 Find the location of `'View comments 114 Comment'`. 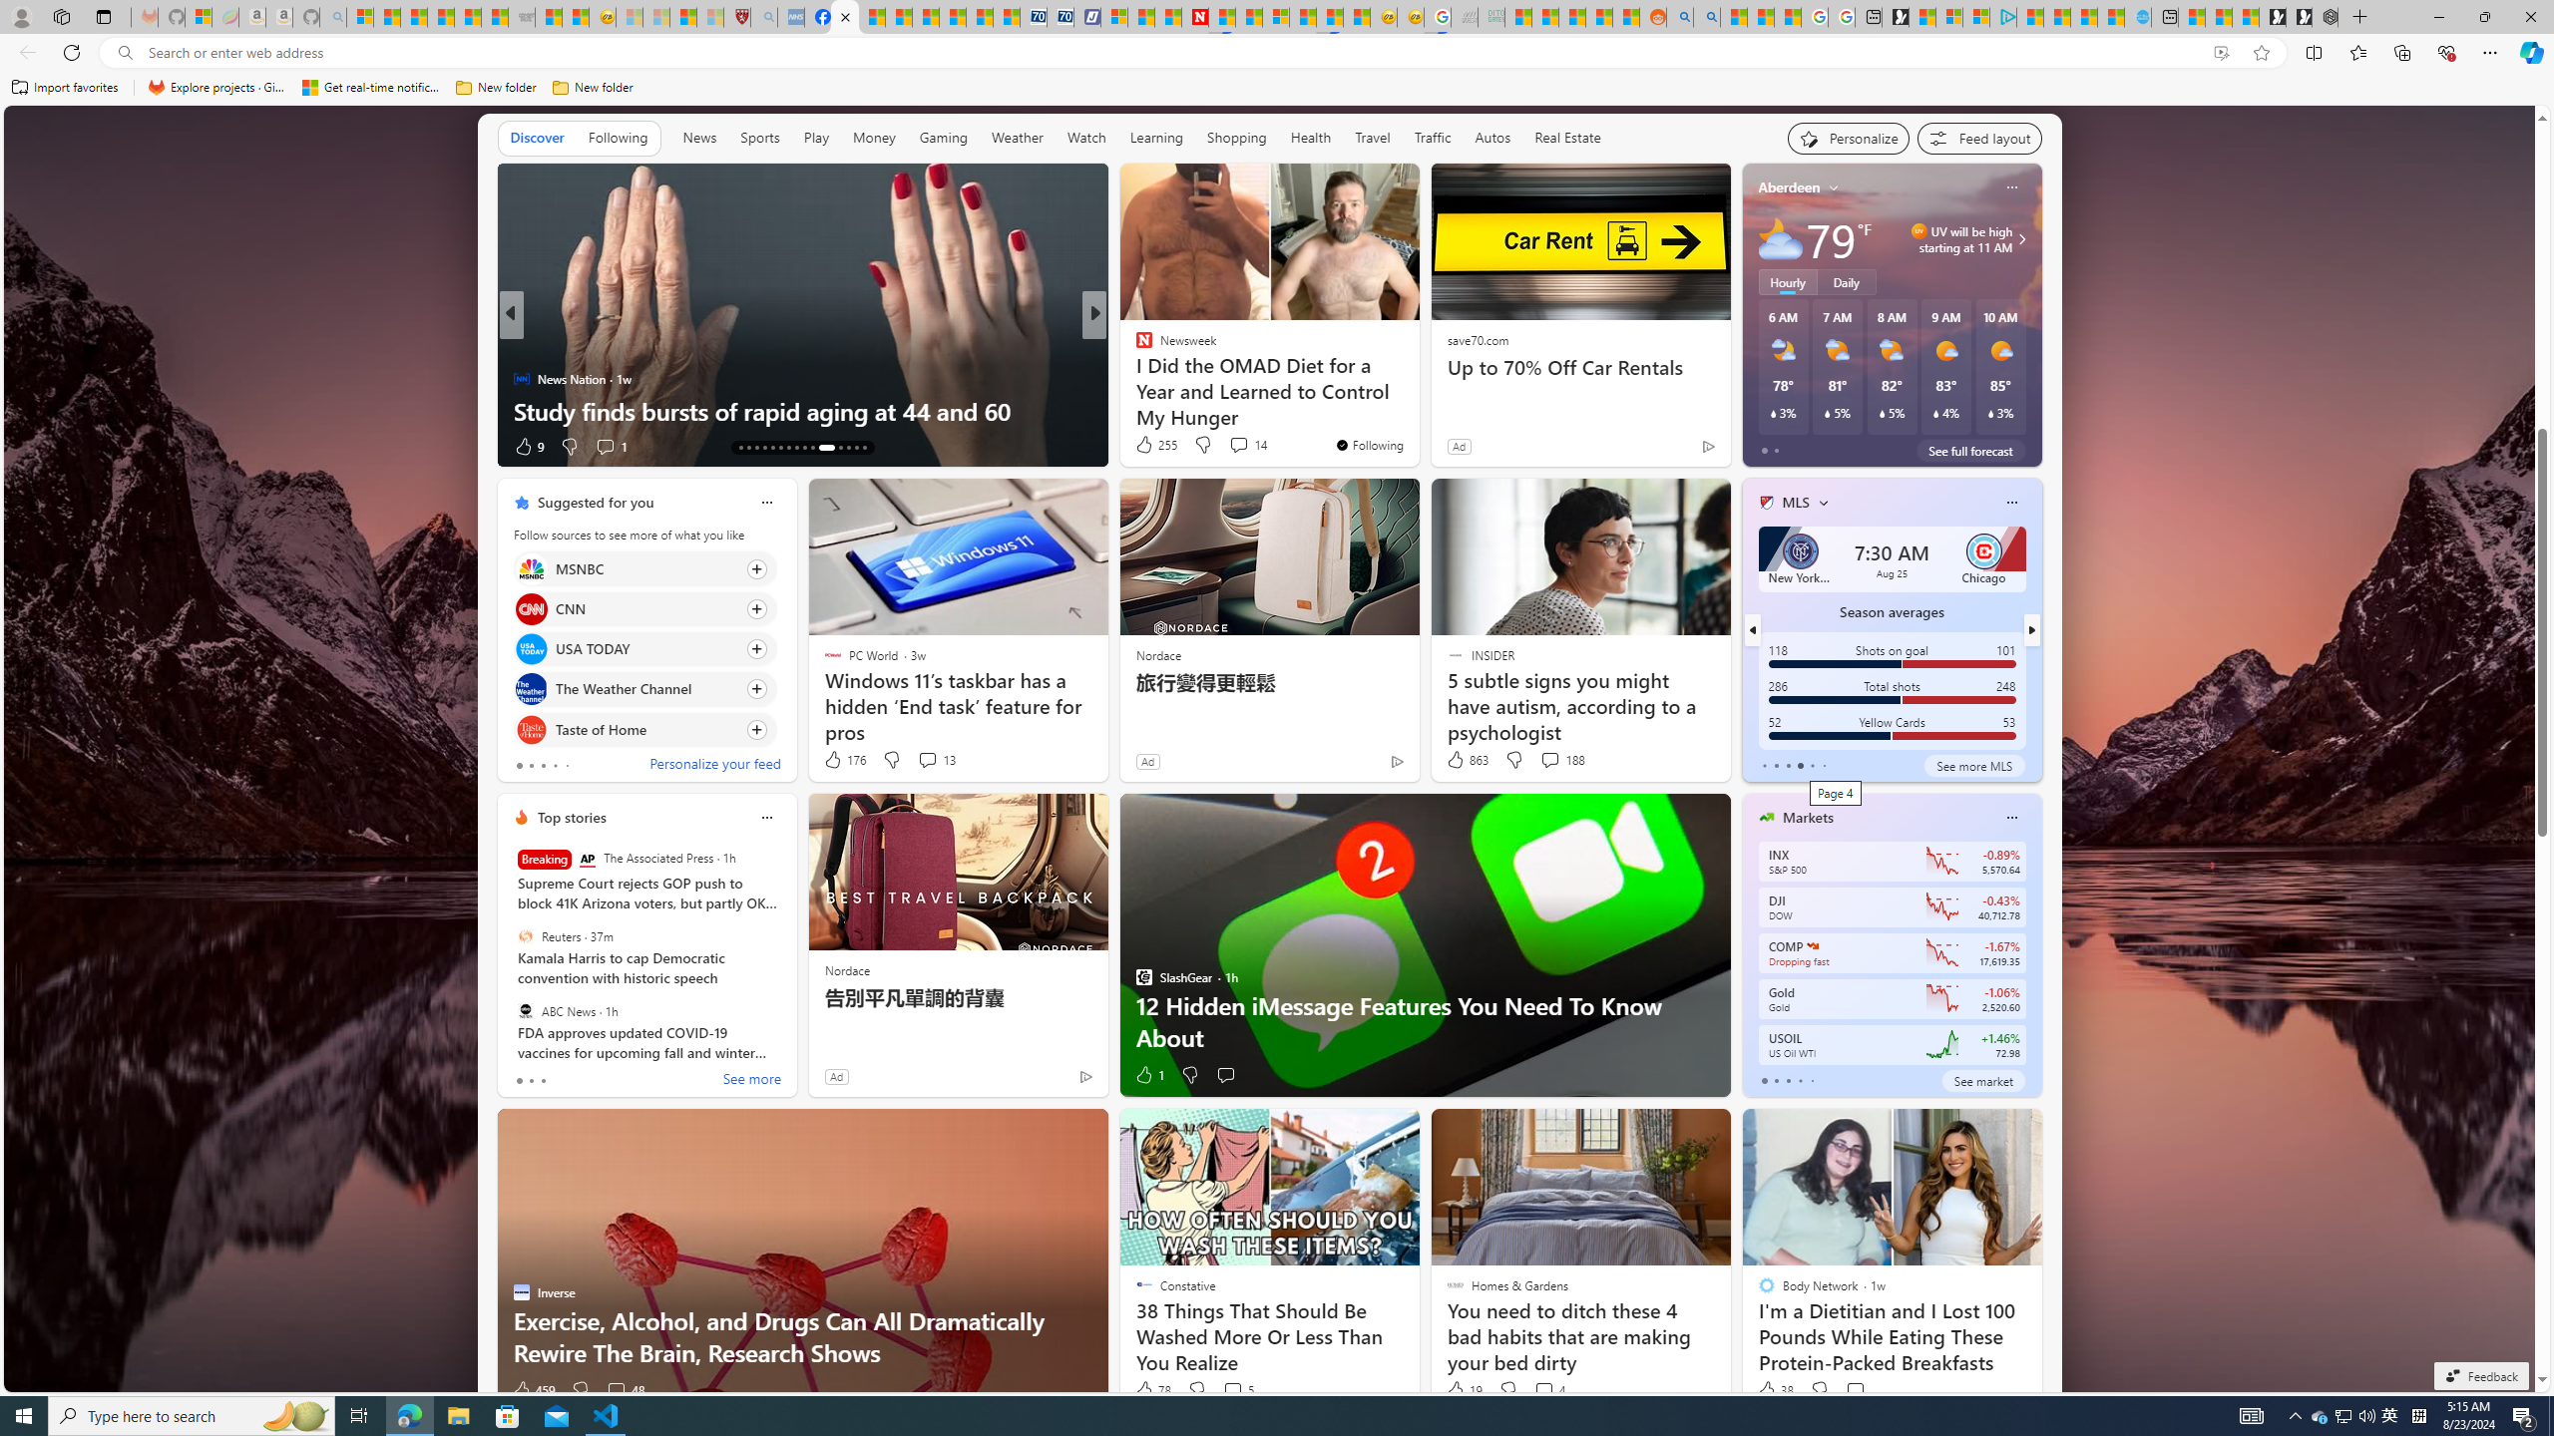

'View comments 114 Comment' is located at coordinates (1244, 446).